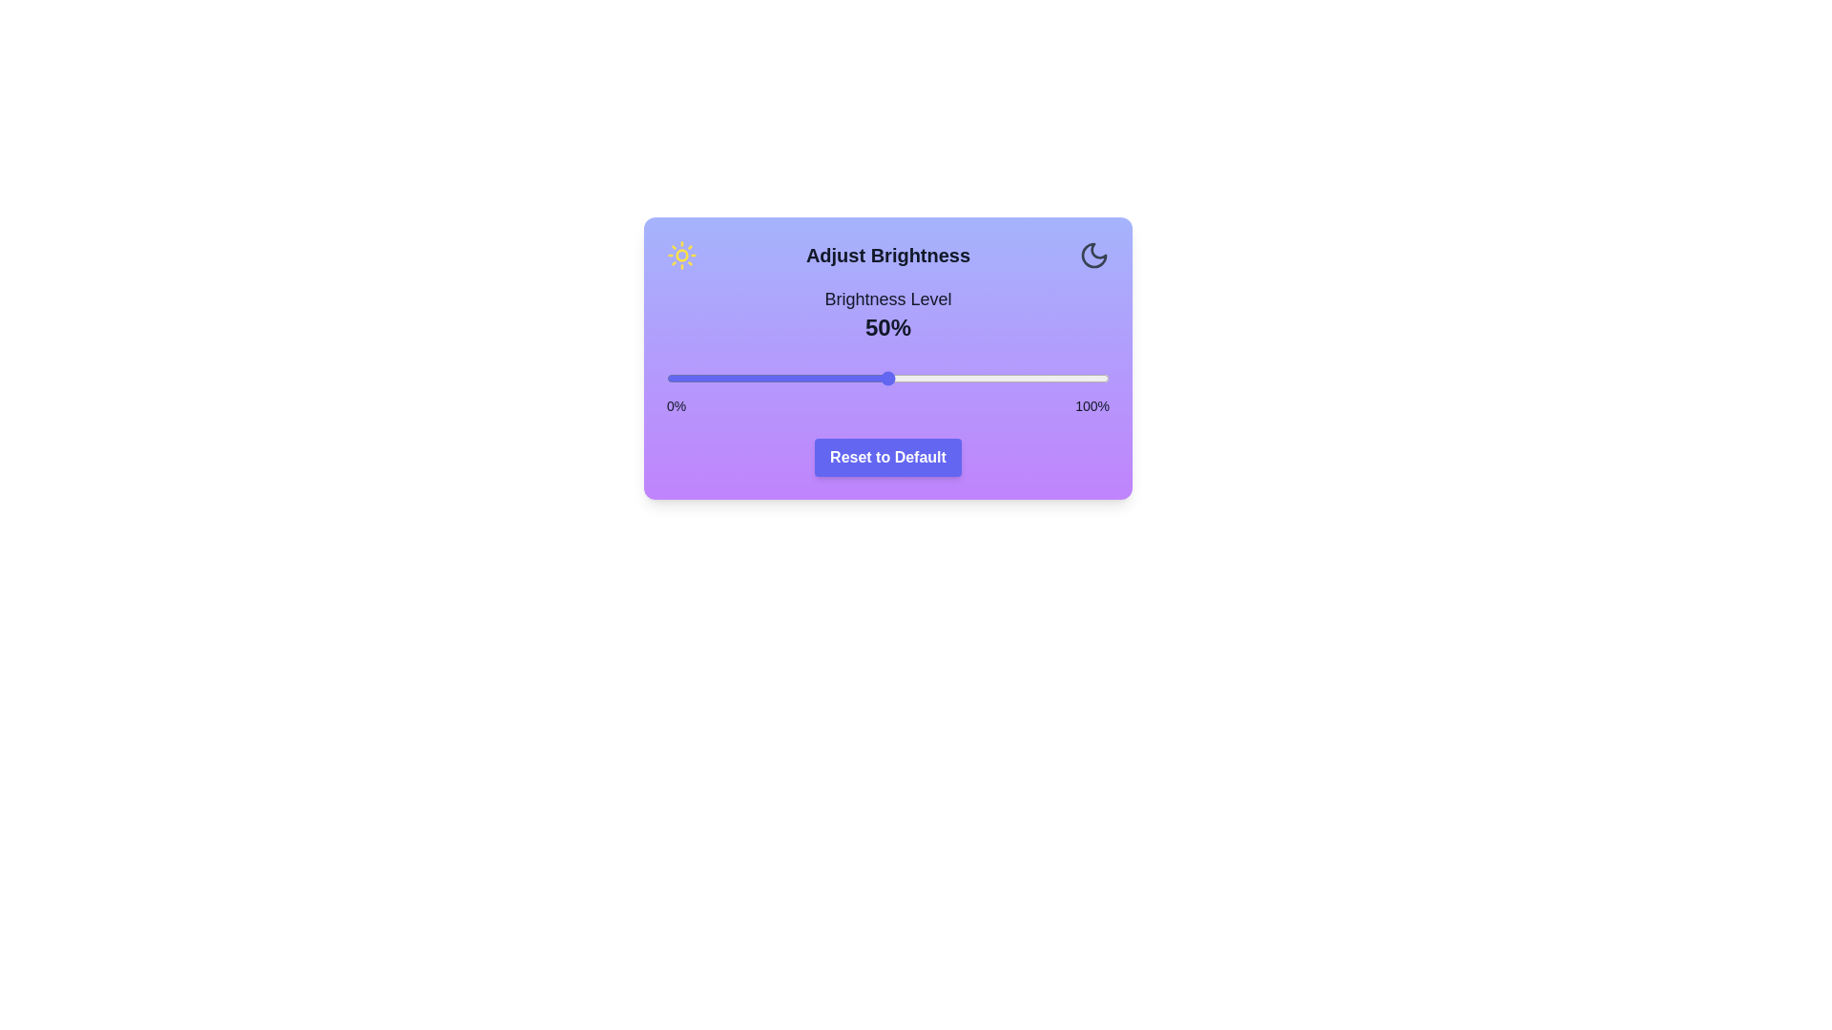 The height and width of the screenshot is (1030, 1832). Describe the element at coordinates (976, 379) in the screenshot. I see `the brightness slider to 70%` at that location.